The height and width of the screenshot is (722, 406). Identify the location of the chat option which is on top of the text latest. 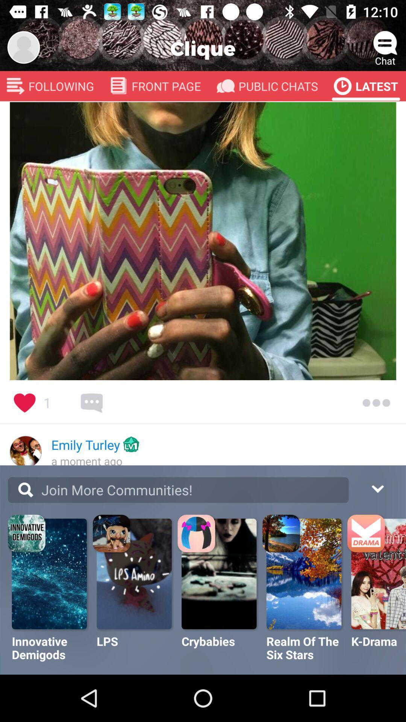
(385, 43).